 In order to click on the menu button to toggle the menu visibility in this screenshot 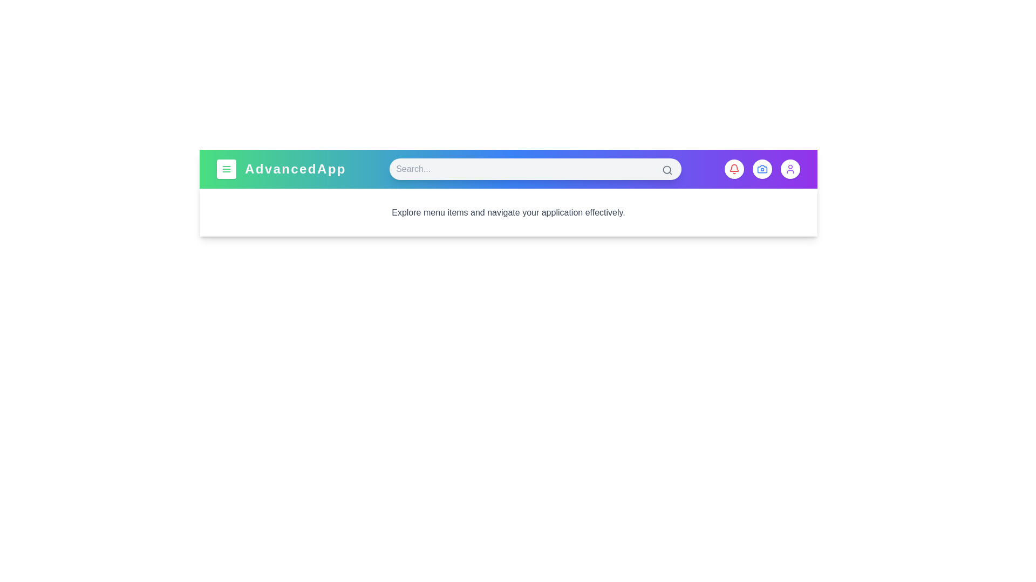, I will do `click(226, 169)`.